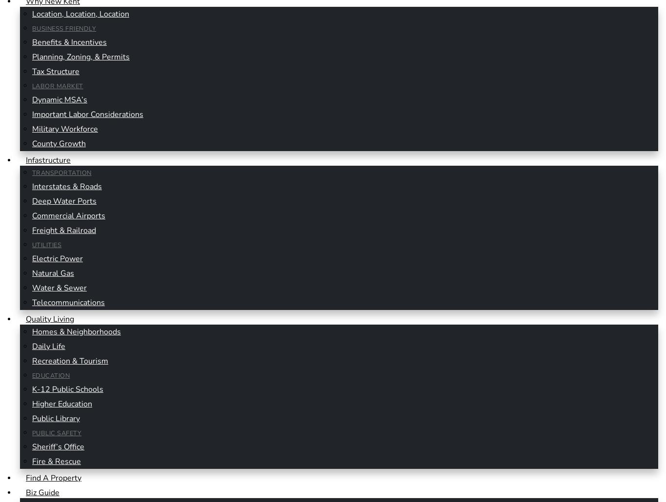  What do you see at coordinates (32, 287) in the screenshot?
I see `'Water & Sewer'` at bounding box center [32, 287].